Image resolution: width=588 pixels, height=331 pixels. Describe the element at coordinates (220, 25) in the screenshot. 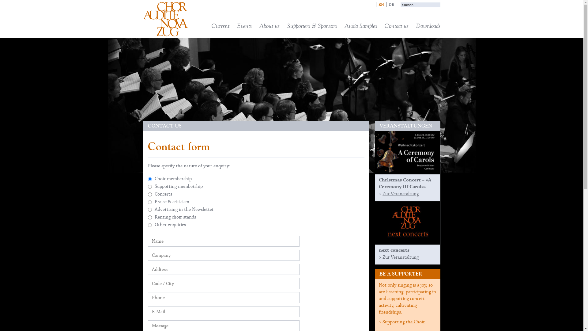

I see `'Current'` at that location.